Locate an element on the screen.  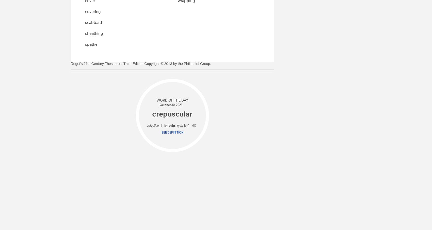
'-ky' is located at coordinates (177, 125).